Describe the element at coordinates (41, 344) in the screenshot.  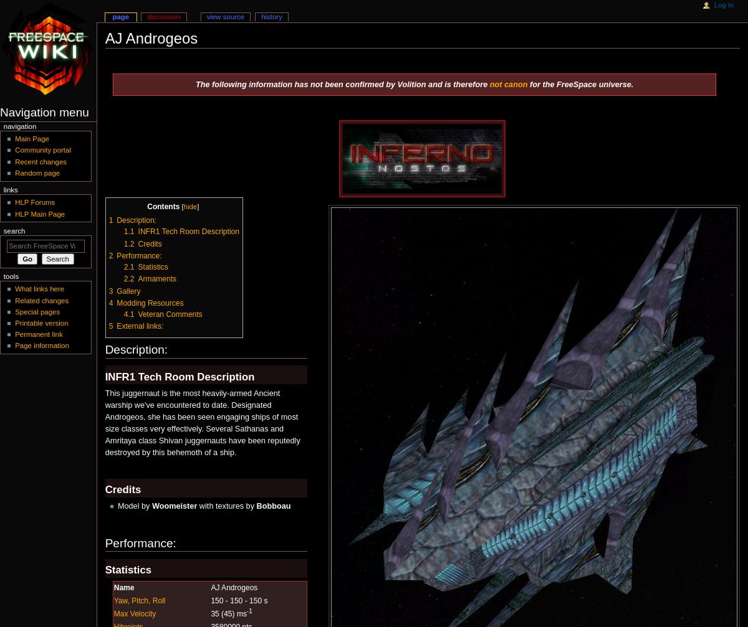
I see `'Page information'` at that location.